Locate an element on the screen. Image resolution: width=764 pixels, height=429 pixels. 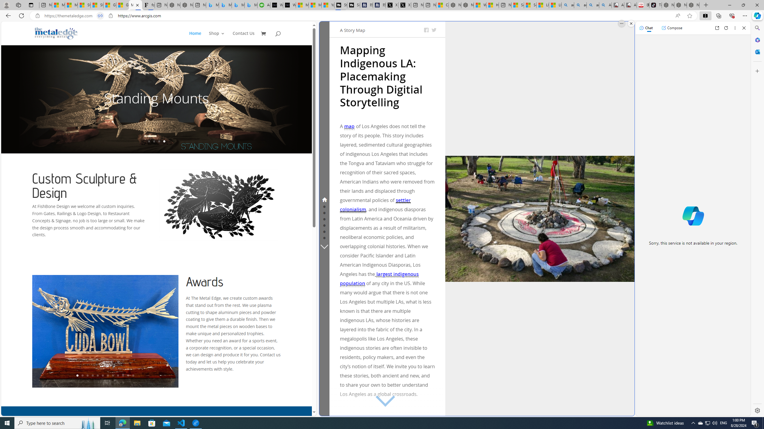
'amazon - Search' is located at coordinates (580, 5).